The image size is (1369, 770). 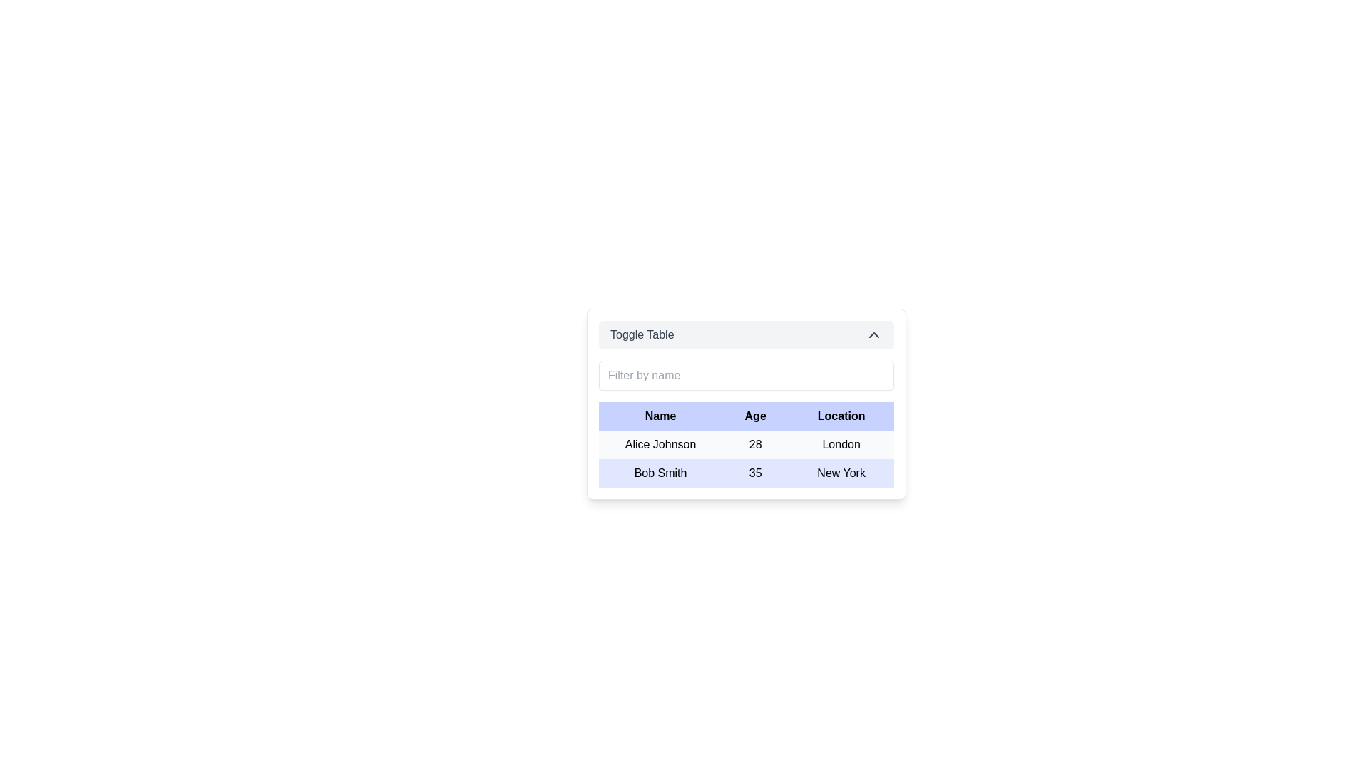 What do you see at coordinates (754, 416) in the screenshot?
I see `the 'Age' table header cell` at bounding box center [754, 416].